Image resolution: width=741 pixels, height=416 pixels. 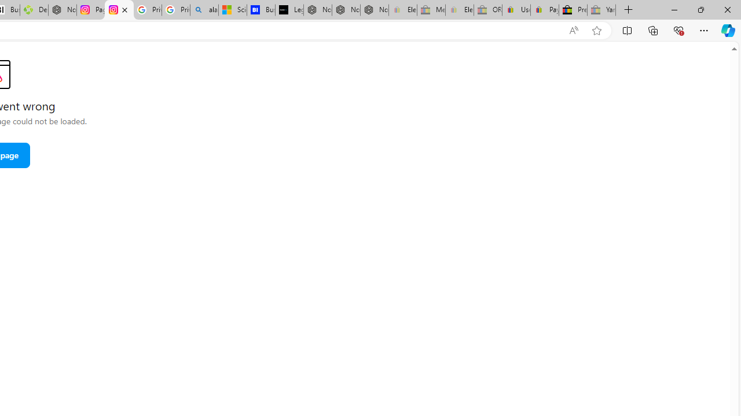 I want to click on 'alabama high school quarterback dies - Search', so click(x=204, y=10).